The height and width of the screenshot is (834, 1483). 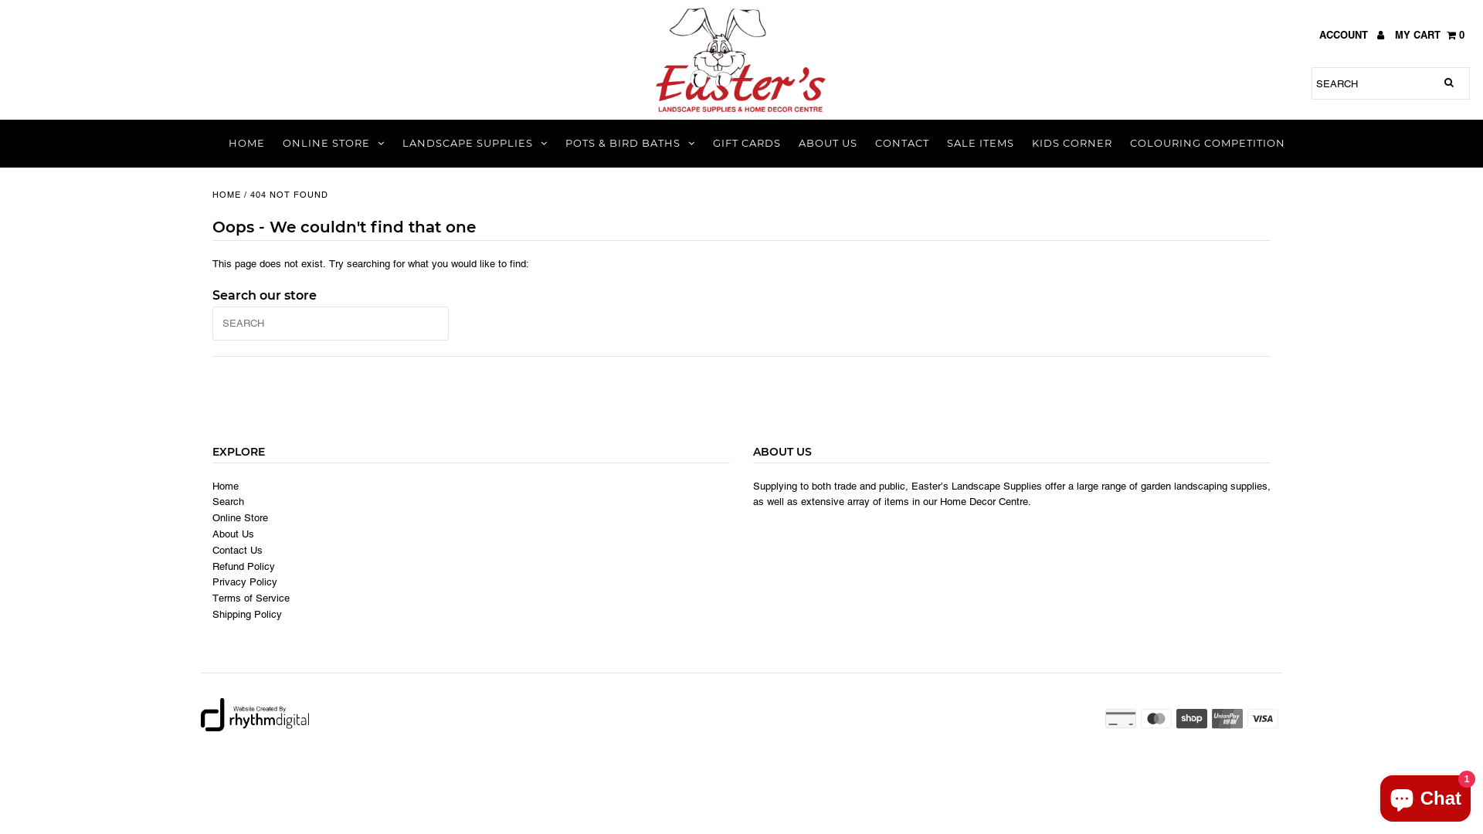 What do you see at coordinates (1424, 795) in the screenshot?
I see `'Shopify online store chat'` at bounding box center [1424, 795].